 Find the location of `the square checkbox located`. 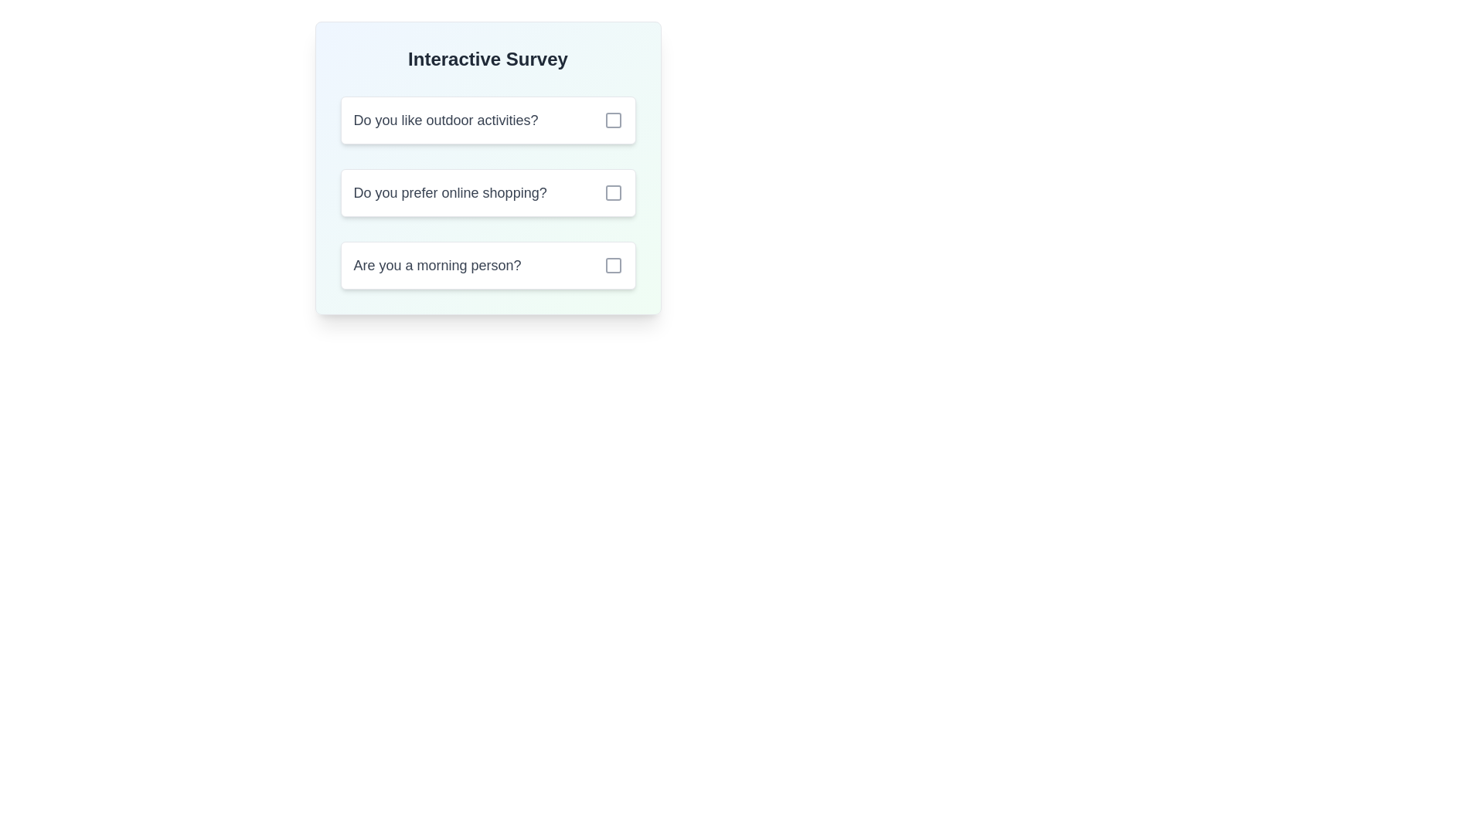

the square checkbox located is located at coordinates (612, 264).